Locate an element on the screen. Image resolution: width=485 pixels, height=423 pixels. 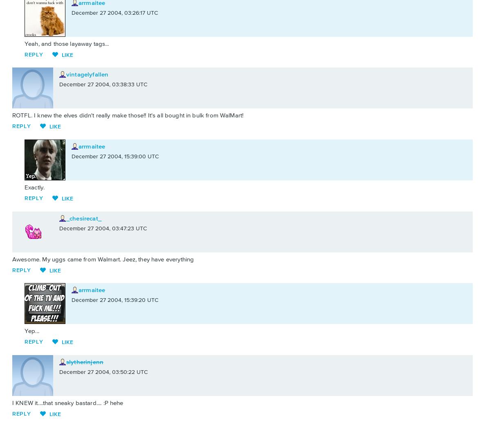
'December 27 2004, 03:38:33 UTC' is located at coordinates (59, 85).